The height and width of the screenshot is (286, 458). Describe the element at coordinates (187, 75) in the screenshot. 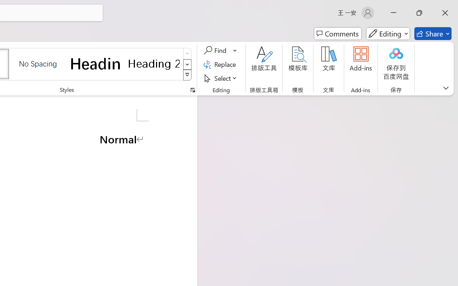

I see `'Styles'` at that location.